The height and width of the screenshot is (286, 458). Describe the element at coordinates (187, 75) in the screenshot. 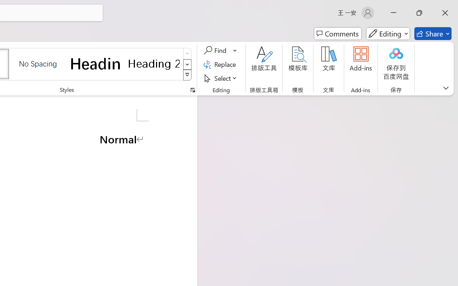

I see `'Styles'` at that location.